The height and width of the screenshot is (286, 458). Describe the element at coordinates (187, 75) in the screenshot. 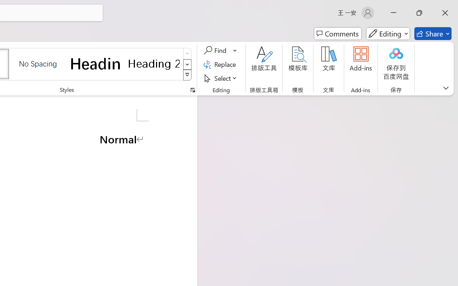

I see `'Styles'` at that location.